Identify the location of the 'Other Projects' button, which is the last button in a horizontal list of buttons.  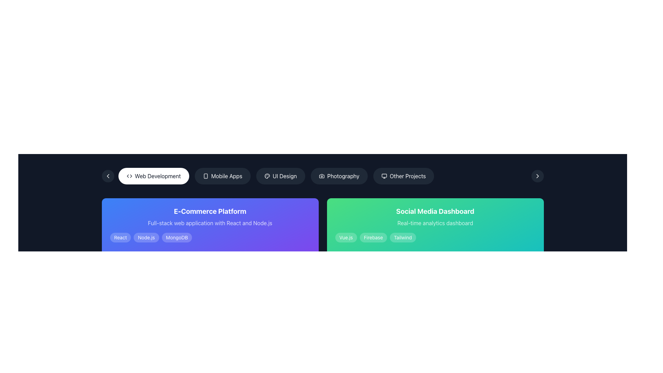
(403, 175).